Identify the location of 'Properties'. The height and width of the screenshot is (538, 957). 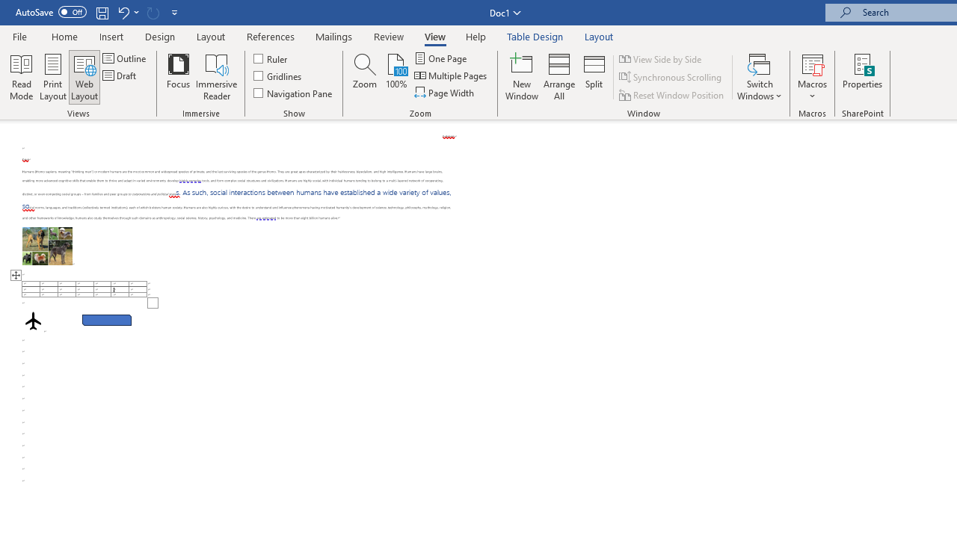
(862, 77).